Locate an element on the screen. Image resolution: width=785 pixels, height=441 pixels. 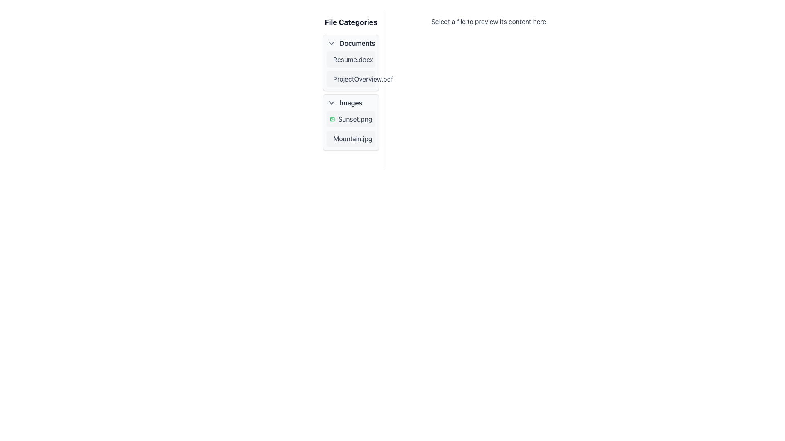
the 'Images' Collapsible Header is located at coordinates (351, 102).